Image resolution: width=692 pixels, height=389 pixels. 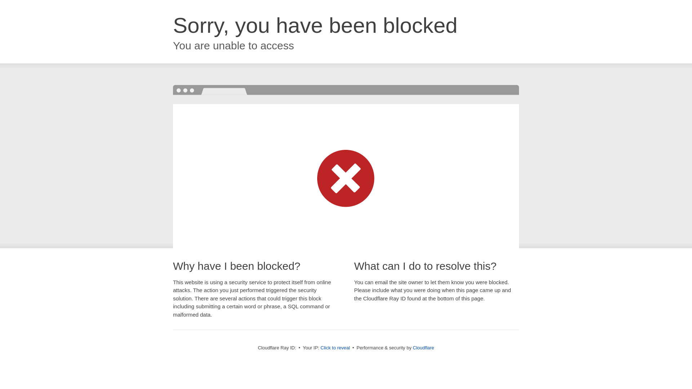 I want to click on 'Cloudflare', so click(x=423, y=347).